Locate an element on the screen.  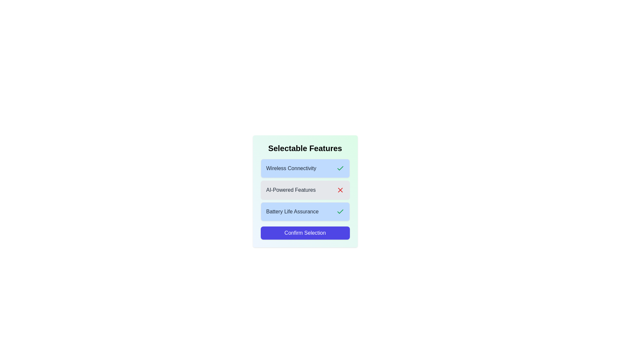
the Text Label that serves as a title to label the section containing selectable features, positioned at the top of the card-like layout is located at coordinates (305, 148).